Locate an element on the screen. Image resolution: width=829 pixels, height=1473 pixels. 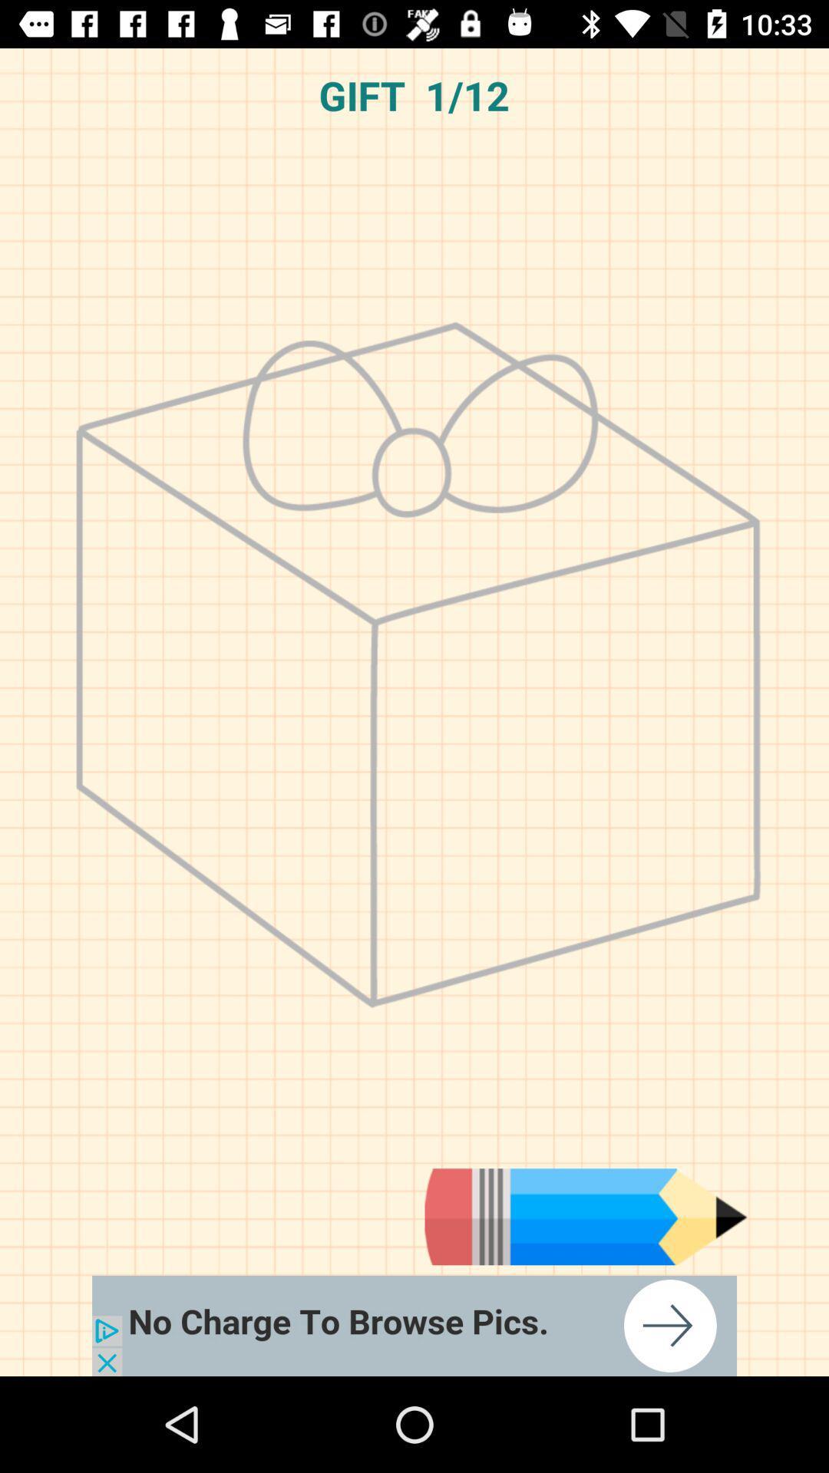
advertisement is located at coordinates (586, 1216).